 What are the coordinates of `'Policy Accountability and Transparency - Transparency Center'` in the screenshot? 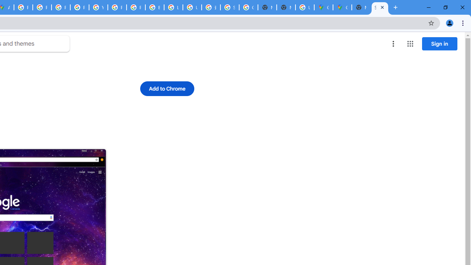 It's located at (24, 7).